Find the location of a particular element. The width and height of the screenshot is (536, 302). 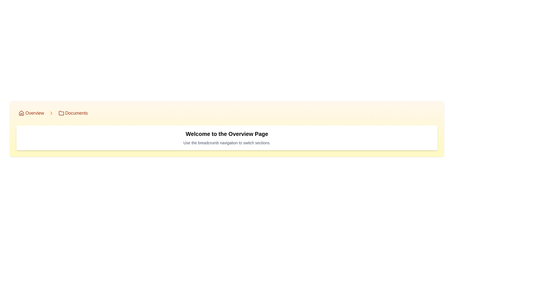

the 'Documents' icon in the breadcrumb navigation is located at coordinates (61, 113).